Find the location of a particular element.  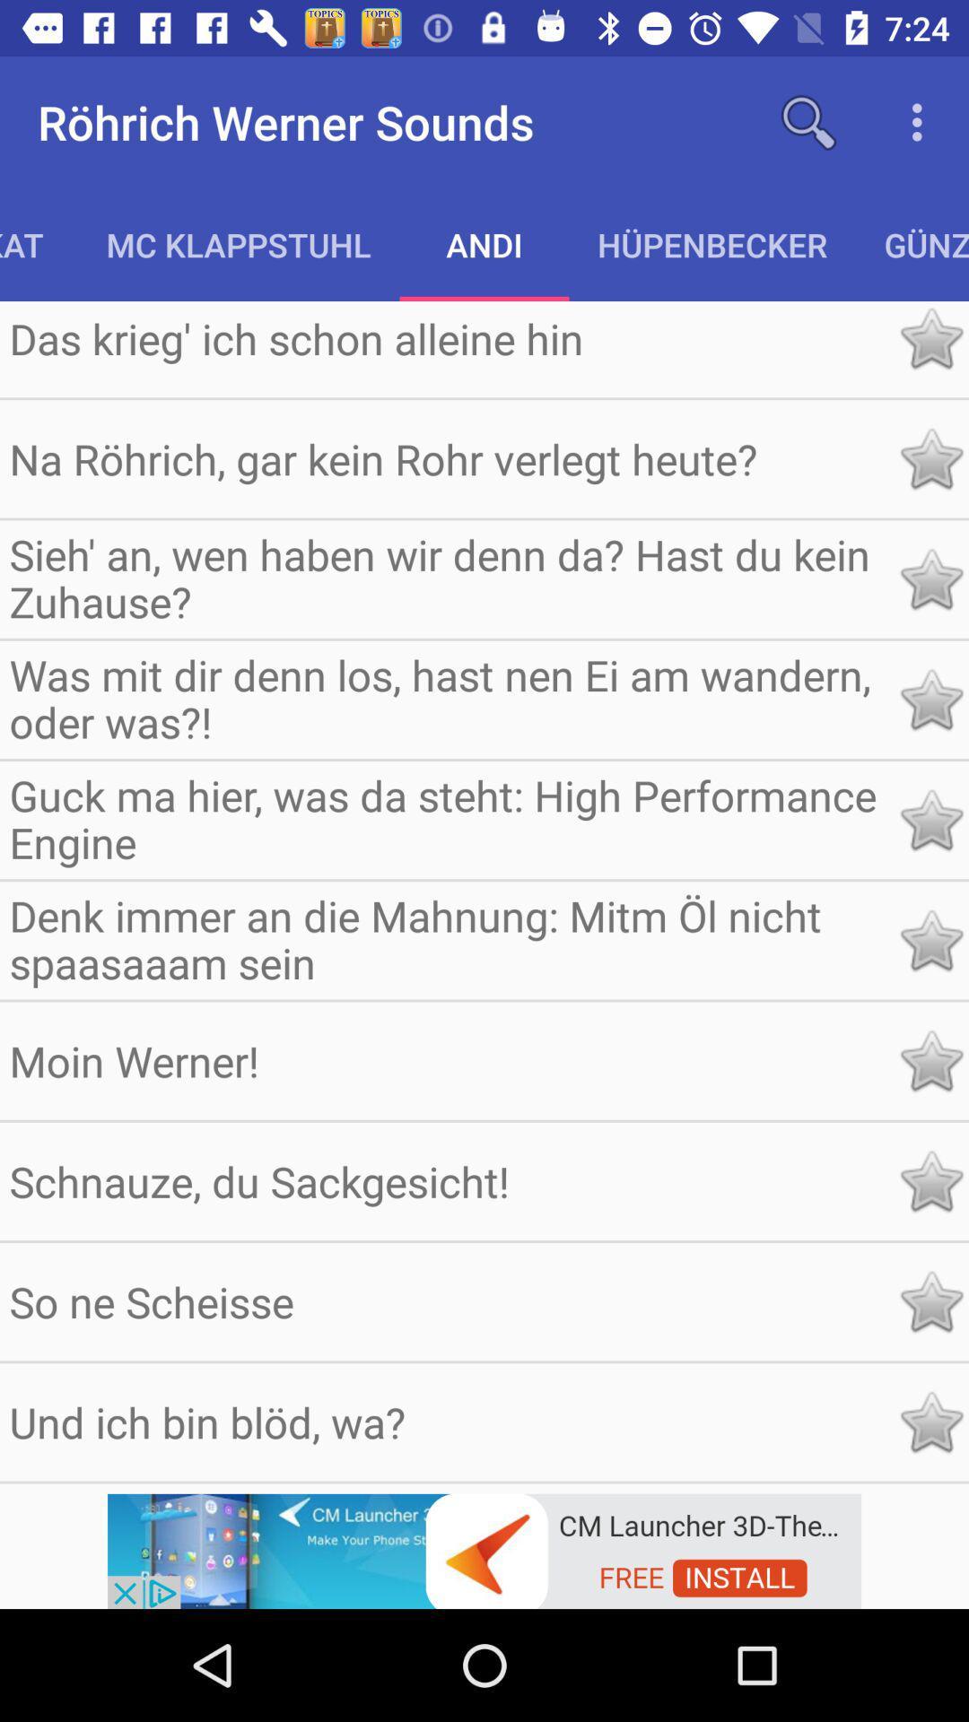

favorite button is located at coordinates (930, 1181).